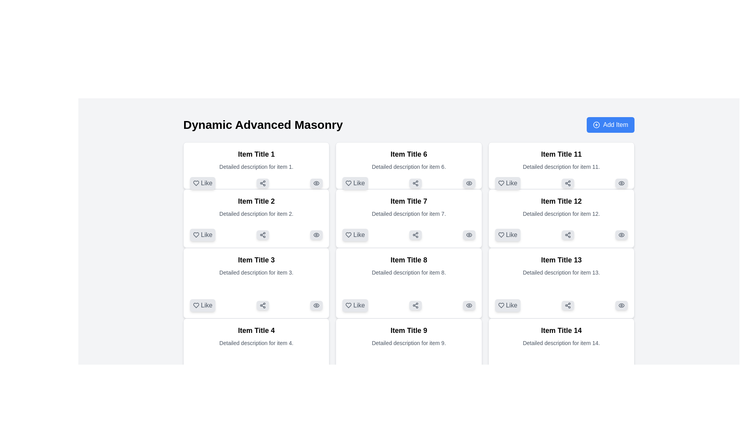 The width and height of the screenshot is (752, 423). I want to click on the static text providing additional descriptive information for 'Item Title 9', located beneath the title in the ninth card of the grid layout, so click(408, 342).